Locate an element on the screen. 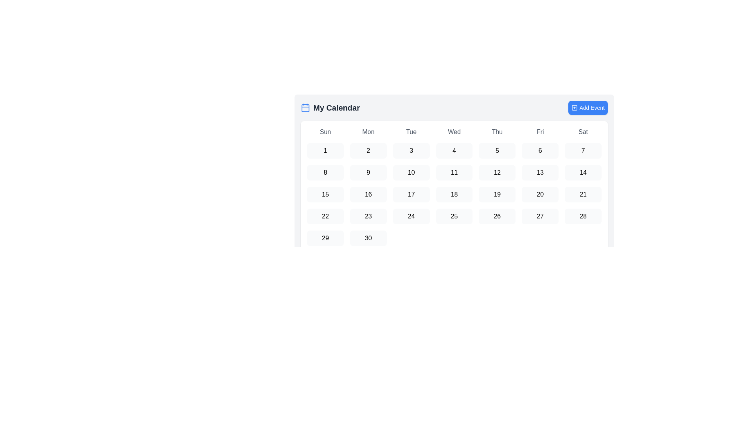 Image resolution: width=751 pixels, height=422 pixels. the calendar table located beneath the 'My Calendar' title section to navigate through the days of the month is located at coordinates (454, 165).